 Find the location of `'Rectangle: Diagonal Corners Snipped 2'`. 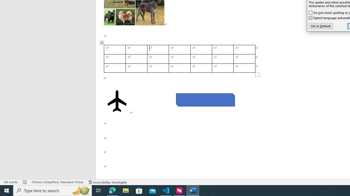

'Rectangle: Diagonal Corners Snipped 2' is located at coordinates (205, 100).